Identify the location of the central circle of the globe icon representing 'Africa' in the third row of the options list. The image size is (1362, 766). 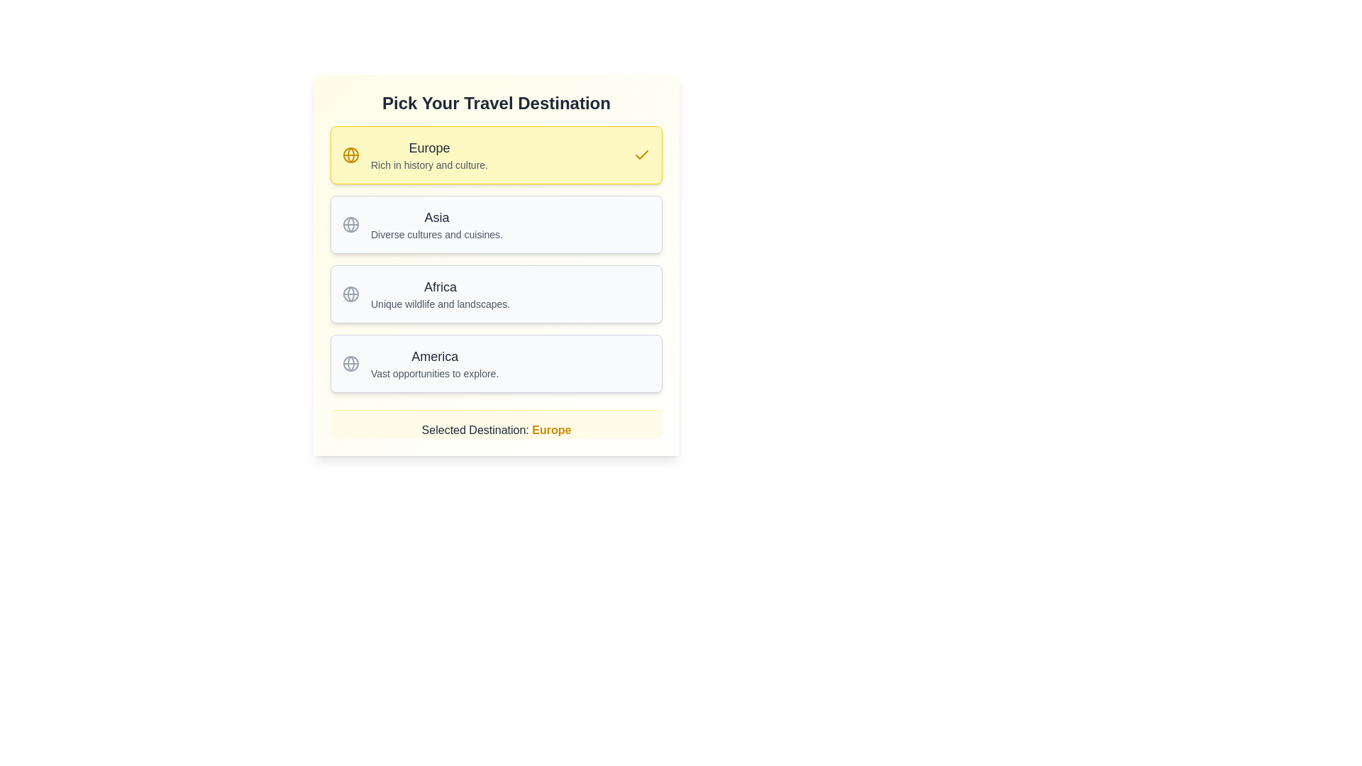
(350, 294).